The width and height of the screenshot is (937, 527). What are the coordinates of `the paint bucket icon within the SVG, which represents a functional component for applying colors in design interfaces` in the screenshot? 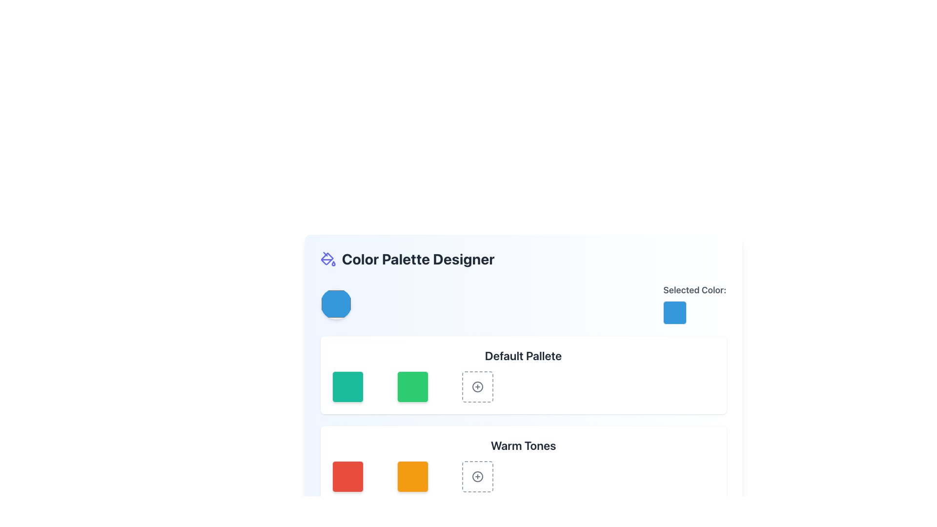 It's located at (327, 258).